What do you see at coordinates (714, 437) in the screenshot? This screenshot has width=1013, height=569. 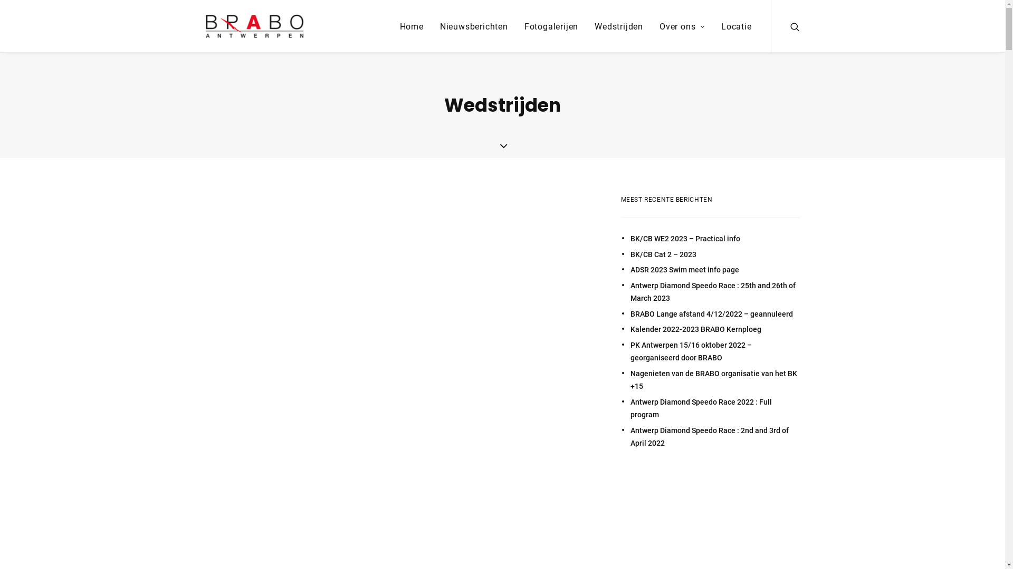 I see `'Antwerp Diamond Speedo Race : 2nd and 3rd of April 2022'` at bounding box center [714, 437].